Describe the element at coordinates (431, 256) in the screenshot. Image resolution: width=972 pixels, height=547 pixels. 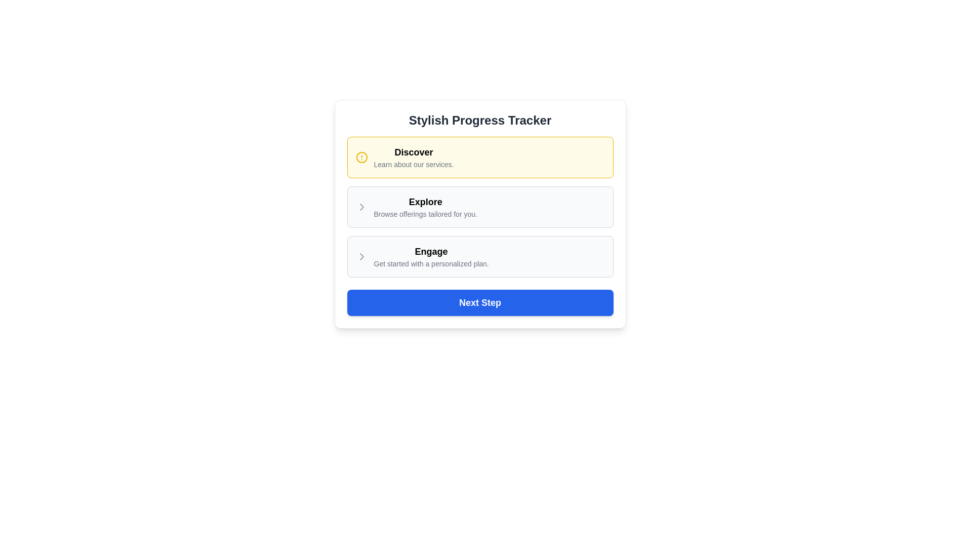
I see `the 'Engage' Text Display Component, which is the third option in the vertical stack within the 'Stylish Progress Tracker' interface, using keyboard navigation` at that location.